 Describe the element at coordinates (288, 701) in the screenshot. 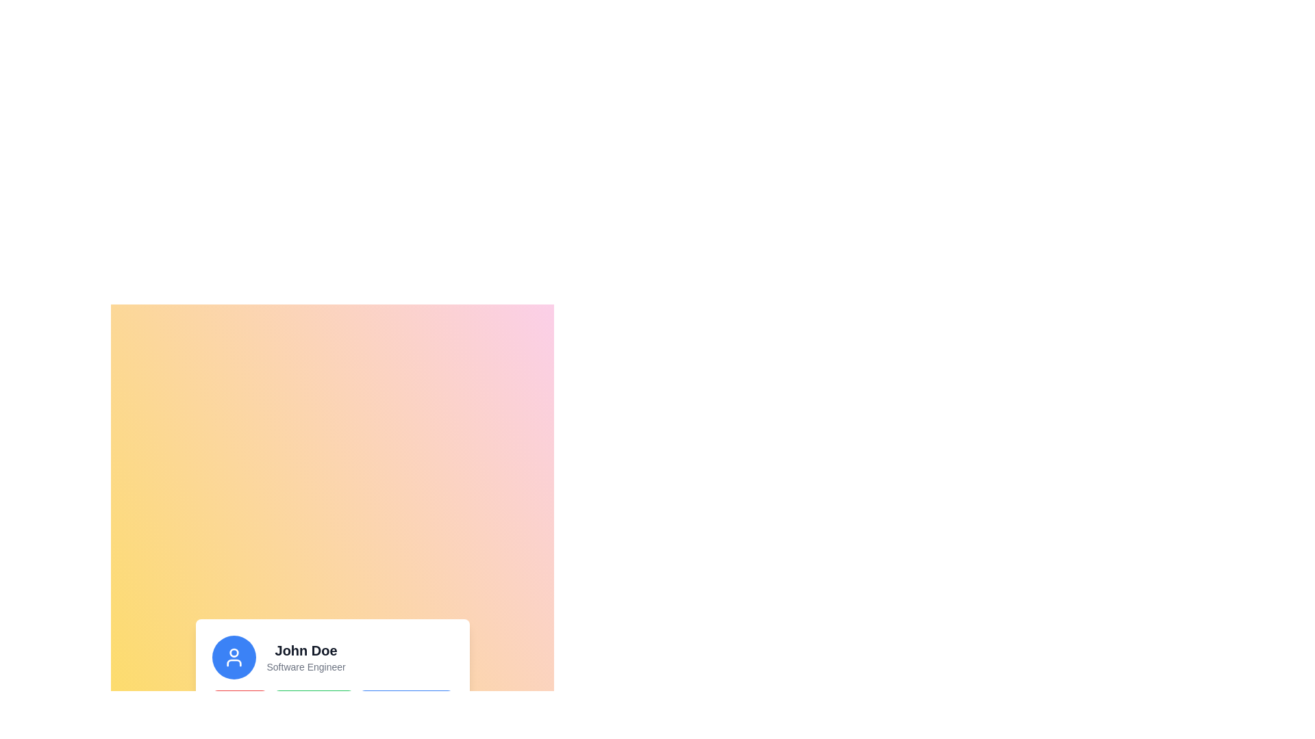

I see `the speech bubble icon located to the left of the 'Message' text within the green button labeled 'MessageConnect with John Doe via personal message.'` at that location.